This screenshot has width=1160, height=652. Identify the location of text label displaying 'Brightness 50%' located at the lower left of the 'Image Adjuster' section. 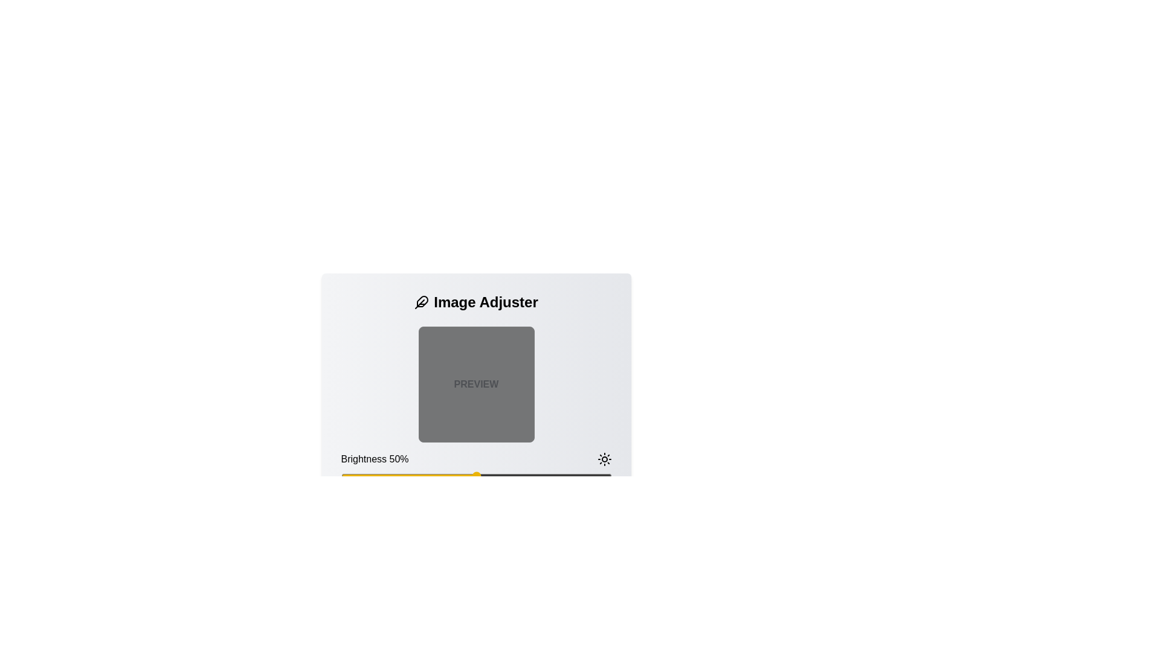
(374, 459).